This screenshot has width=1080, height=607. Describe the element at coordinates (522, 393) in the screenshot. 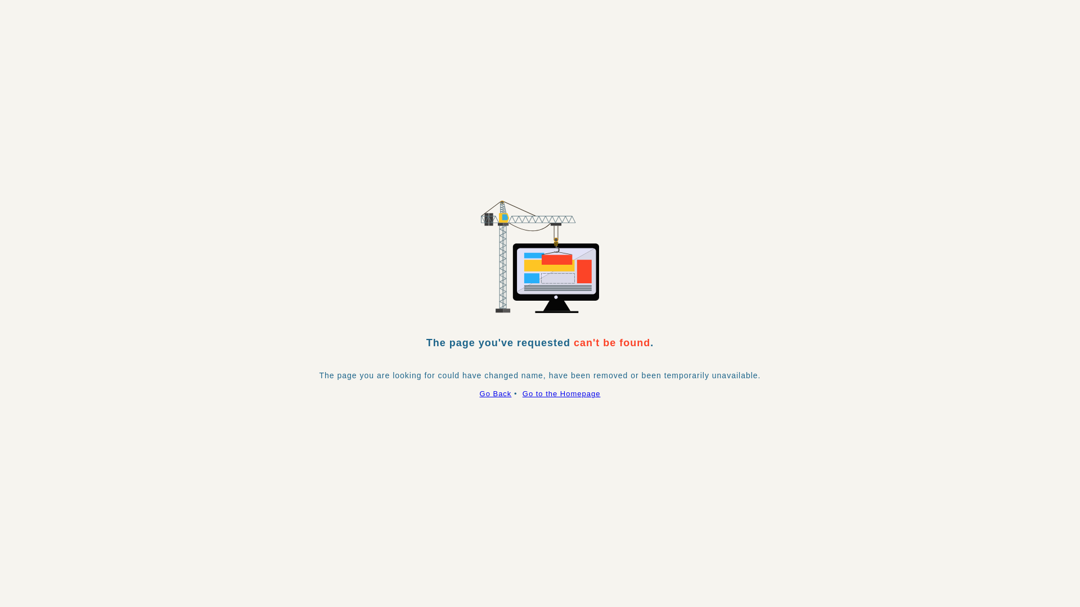

I see `'Go to the Homepage'` at that location.